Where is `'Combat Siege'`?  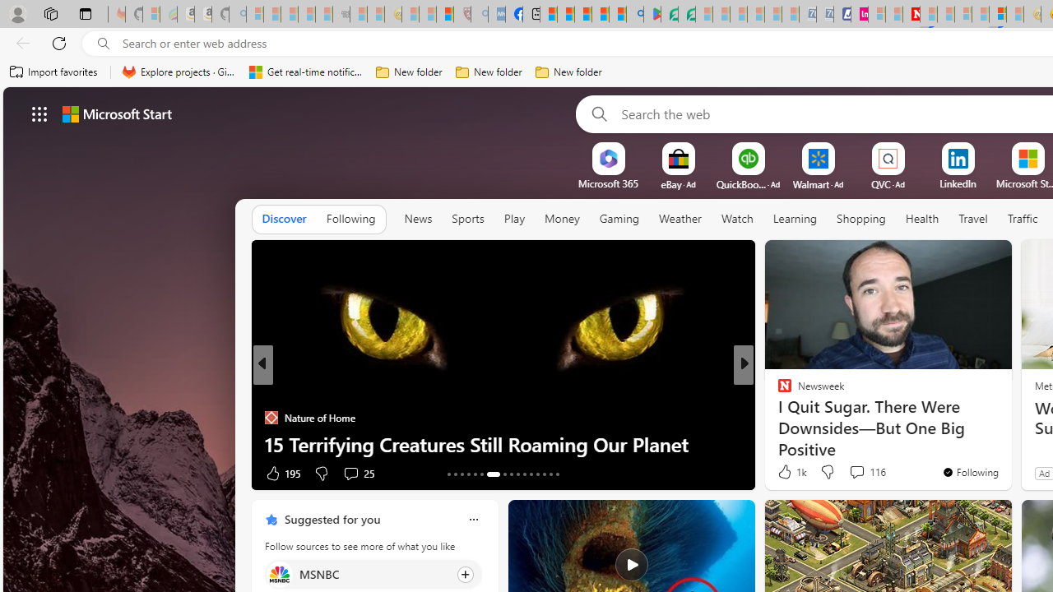
'Combat Siege' is located at coordinates (340, 14).